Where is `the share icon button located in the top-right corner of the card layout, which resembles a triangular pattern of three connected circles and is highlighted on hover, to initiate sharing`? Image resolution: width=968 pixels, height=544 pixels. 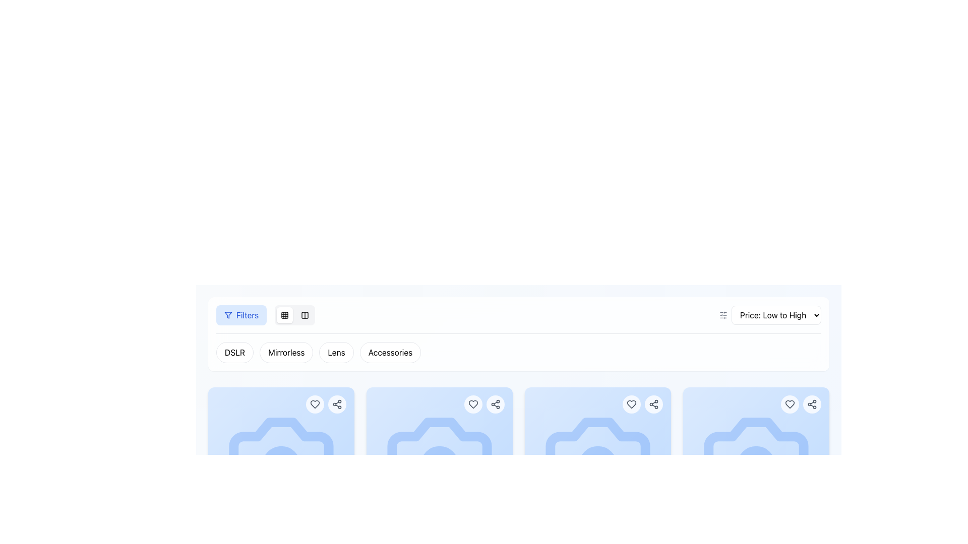
the share icon button located in the top-right corner of the card layout, which resembles a triangular pattern of three connected circles and is highlighted on hover, to initiate sharing is located at coordinates (812, 403).